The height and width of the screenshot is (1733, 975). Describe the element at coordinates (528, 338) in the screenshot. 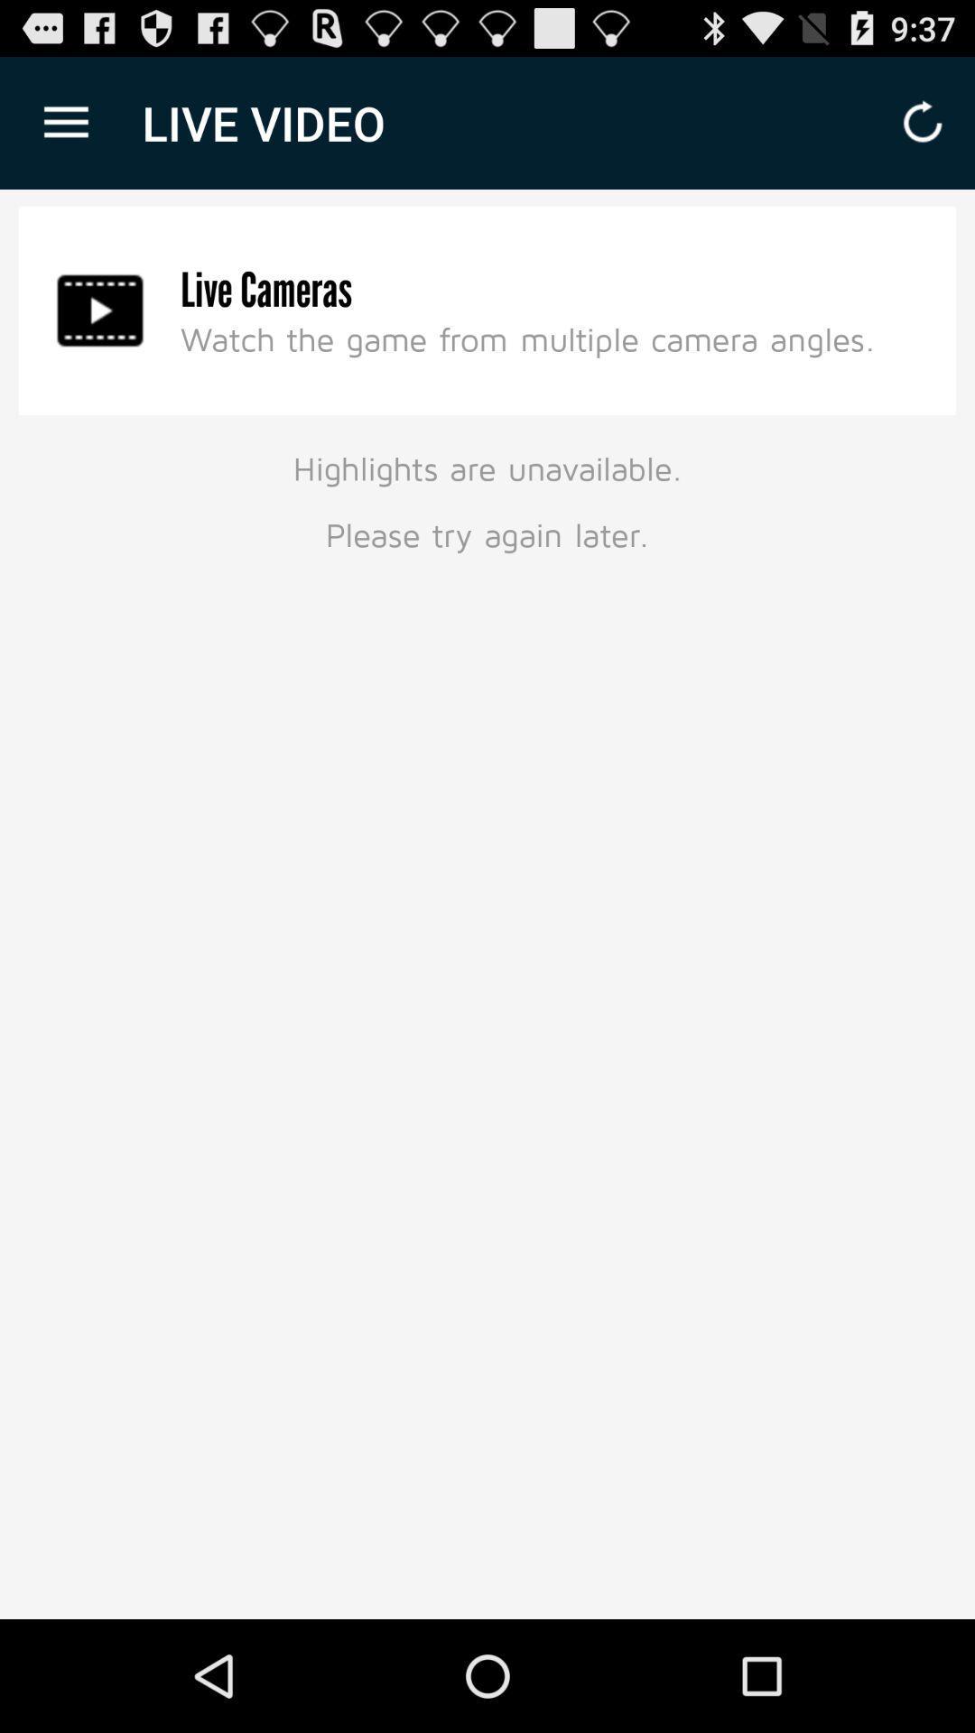

I see `watch the game icon` at that location.